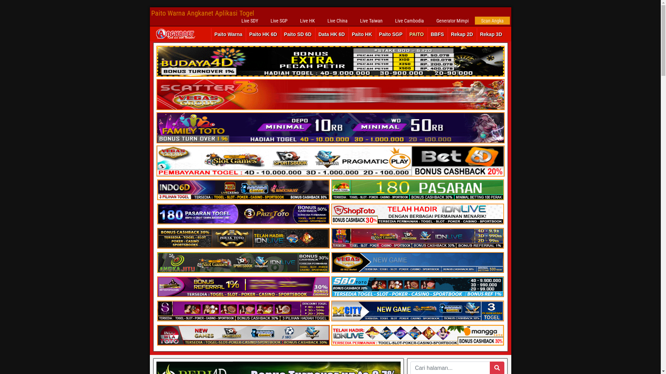 The image size is (666, 374). What do you see at coordinates (243, 335) in the screenshot?
I see `'Bandar Judi Online Terpercaya indowlatoto'` at bounding box center [243, 335].